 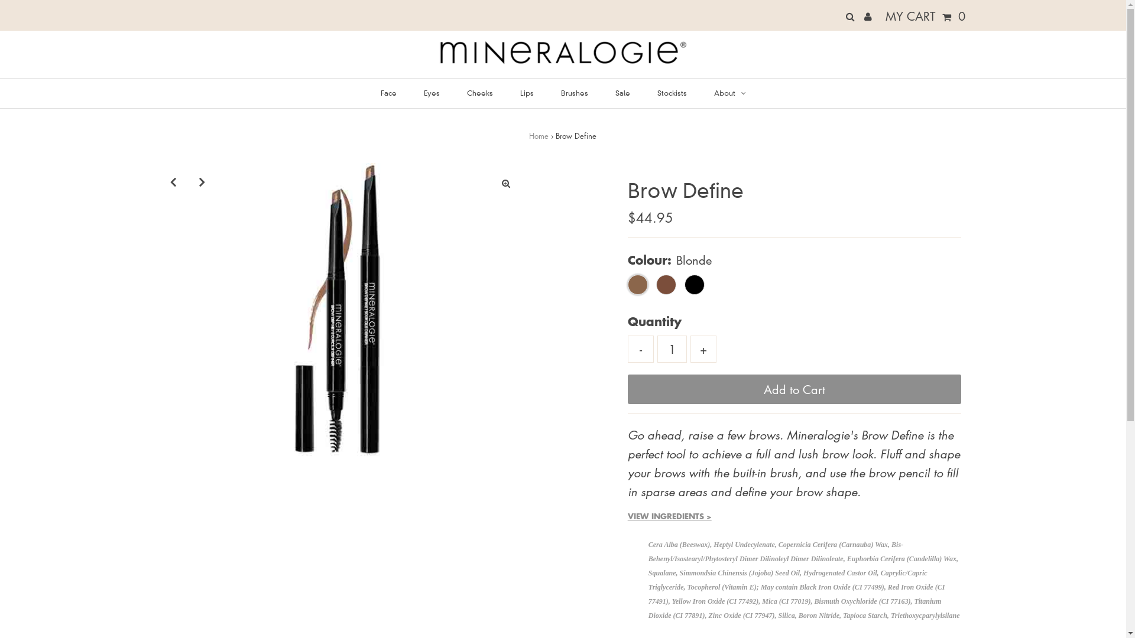 What do you see at coordinates (644, 93) in the screenshot?
I see `'Stockists'` at bounding box center [644, 93].